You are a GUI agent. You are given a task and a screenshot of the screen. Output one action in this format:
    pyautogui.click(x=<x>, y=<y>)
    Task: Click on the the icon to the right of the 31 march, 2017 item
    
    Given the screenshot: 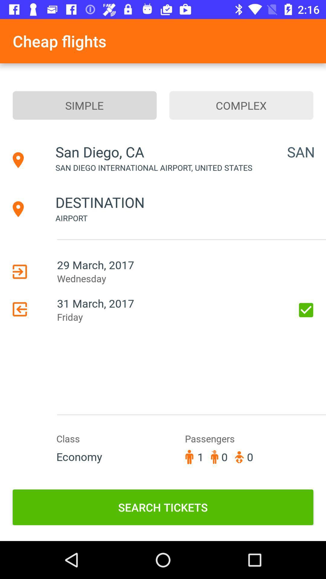 What is the action you would take?
    pyautogui.click(x=306, y=310)
    